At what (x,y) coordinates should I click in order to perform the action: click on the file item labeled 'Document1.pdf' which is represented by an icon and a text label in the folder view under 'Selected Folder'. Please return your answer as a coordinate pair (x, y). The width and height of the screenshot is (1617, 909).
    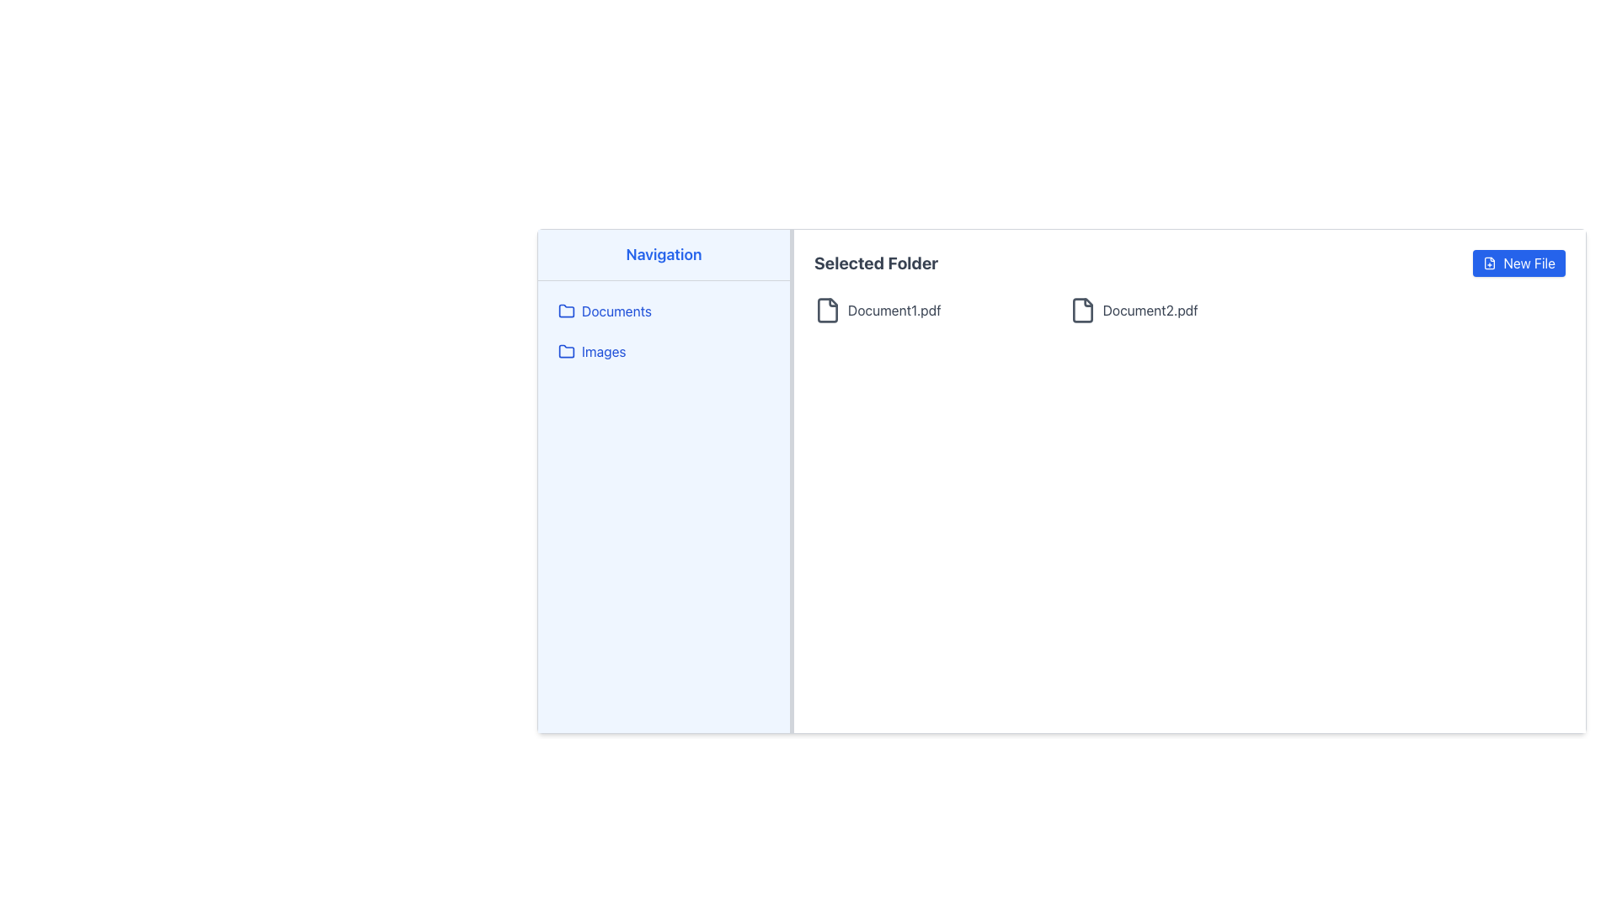
    Looking at the image, I should click on (933, 311).